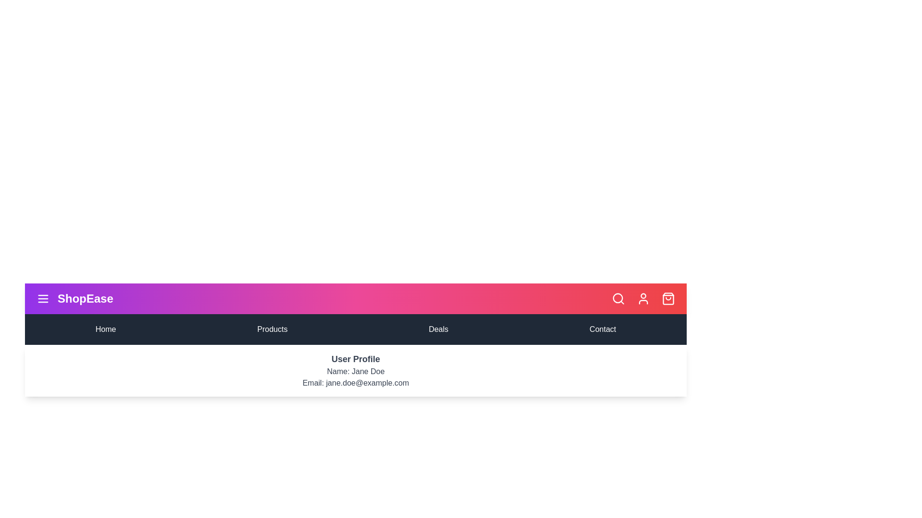 Image resolution: width=922 pixels, height=518 pixels. I want to click on the shopping cart icon to inspect the shopping cart, so click(668, 298).